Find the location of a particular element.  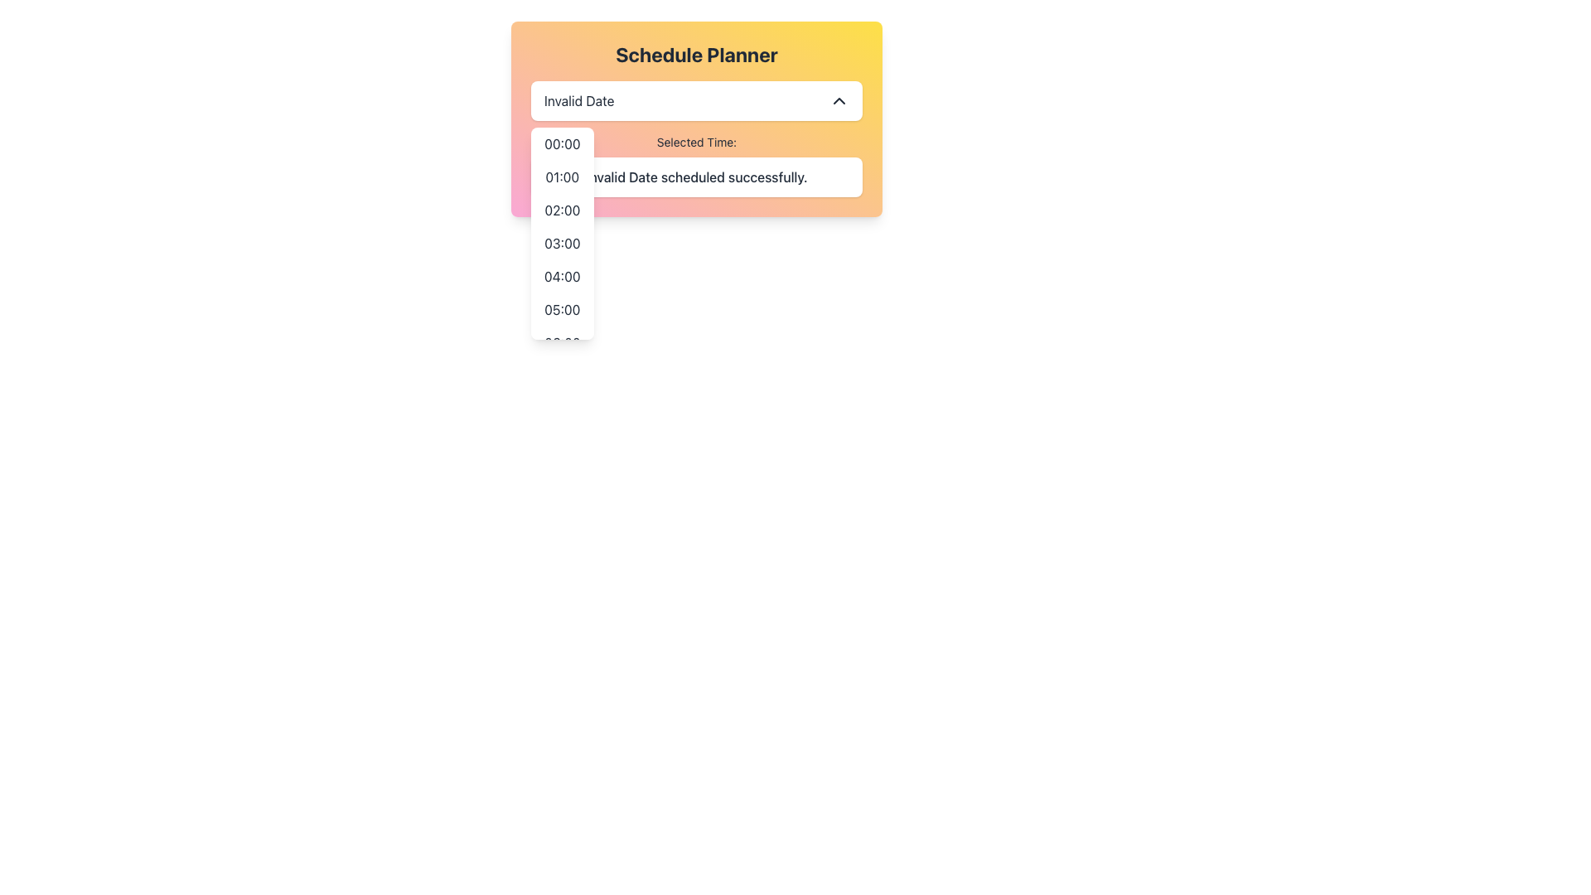

the list item displaying '04:00' in the dropdown menu of the 'Schedule Planner' module is located at coordinates (562, 276).